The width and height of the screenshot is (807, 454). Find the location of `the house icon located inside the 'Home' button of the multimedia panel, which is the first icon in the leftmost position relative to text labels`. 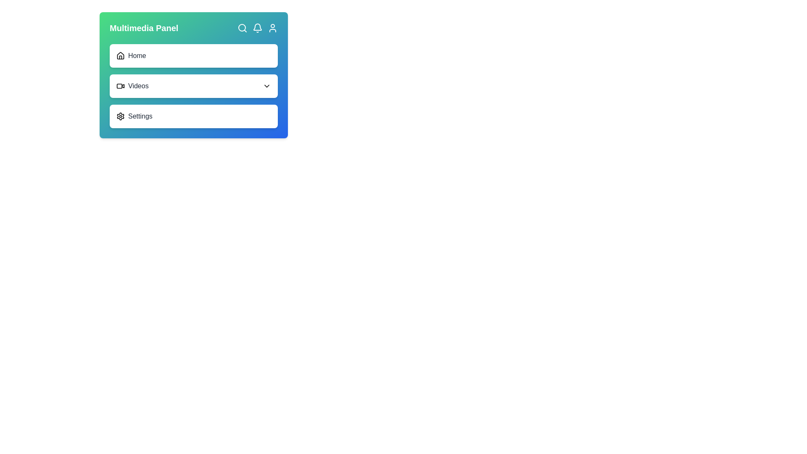

the house icon located inside the 'Home' button of the multimedia panel, which is the first icon in the leftmost position relative to text labels is located at coordinates (120, 55).